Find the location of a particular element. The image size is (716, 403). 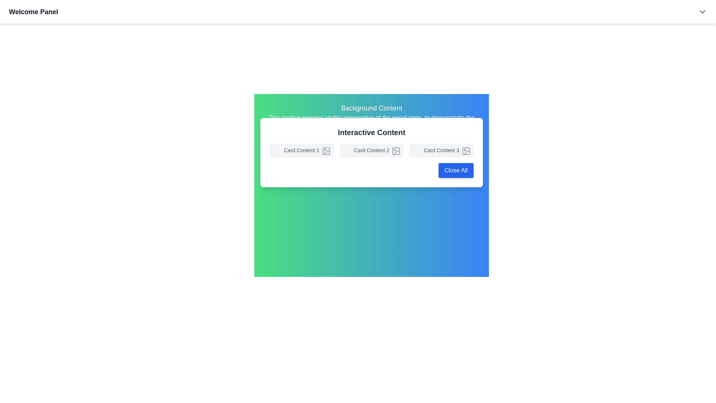

graphical illustration represented by the rectangular shape located in the top-right corner of the second card icon within the interactive content cards is located at coordinates (395, 151).